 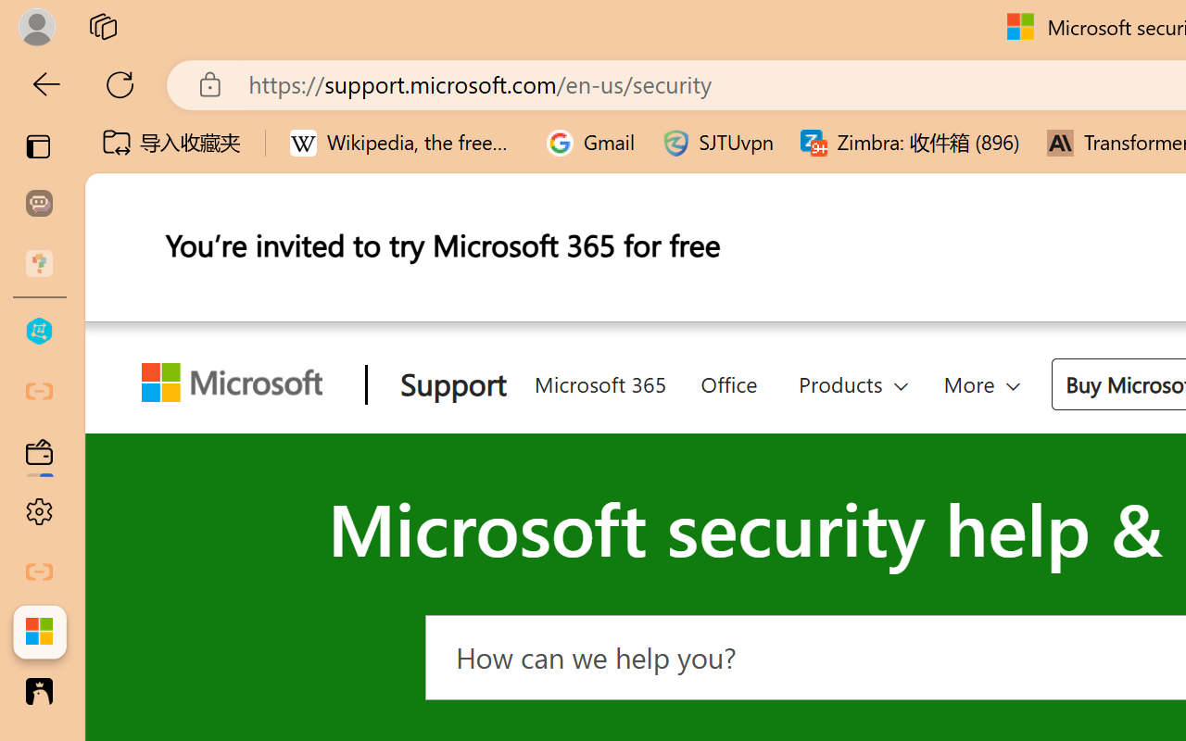 I want to click on 'Gmail', so click(x=590, y=143).